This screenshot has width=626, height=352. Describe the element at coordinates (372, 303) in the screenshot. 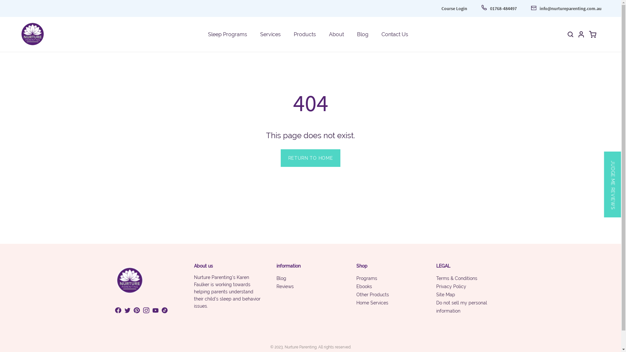

I see `'Home Services'` at that location.